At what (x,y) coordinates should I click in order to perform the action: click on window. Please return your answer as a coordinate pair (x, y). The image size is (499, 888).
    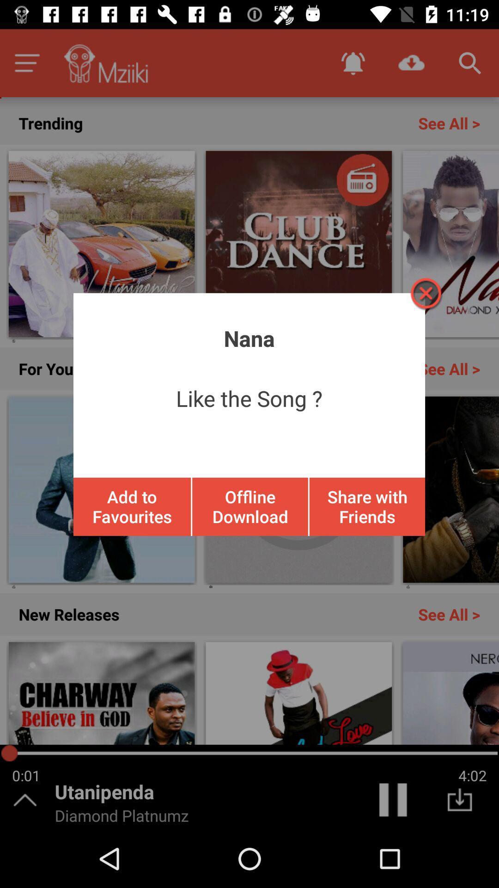
    Looking at the image, I should click on (425, 293).